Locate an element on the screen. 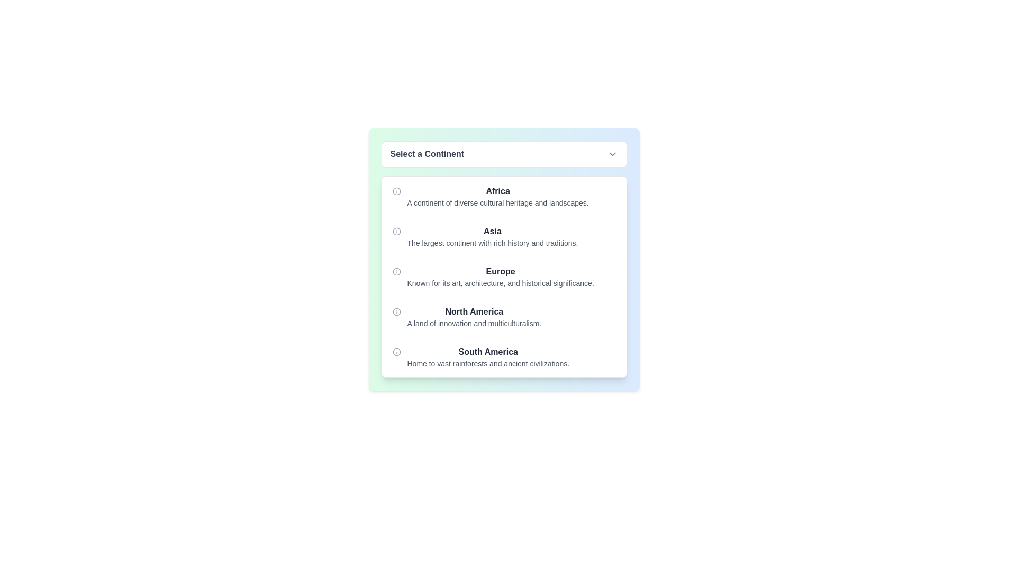 This screenshot has height=571, width=1016. the fourth list item representing 'North America' which is located between 'Europe' and 'South America' in the vertical list is located at coordinates (503, 317).